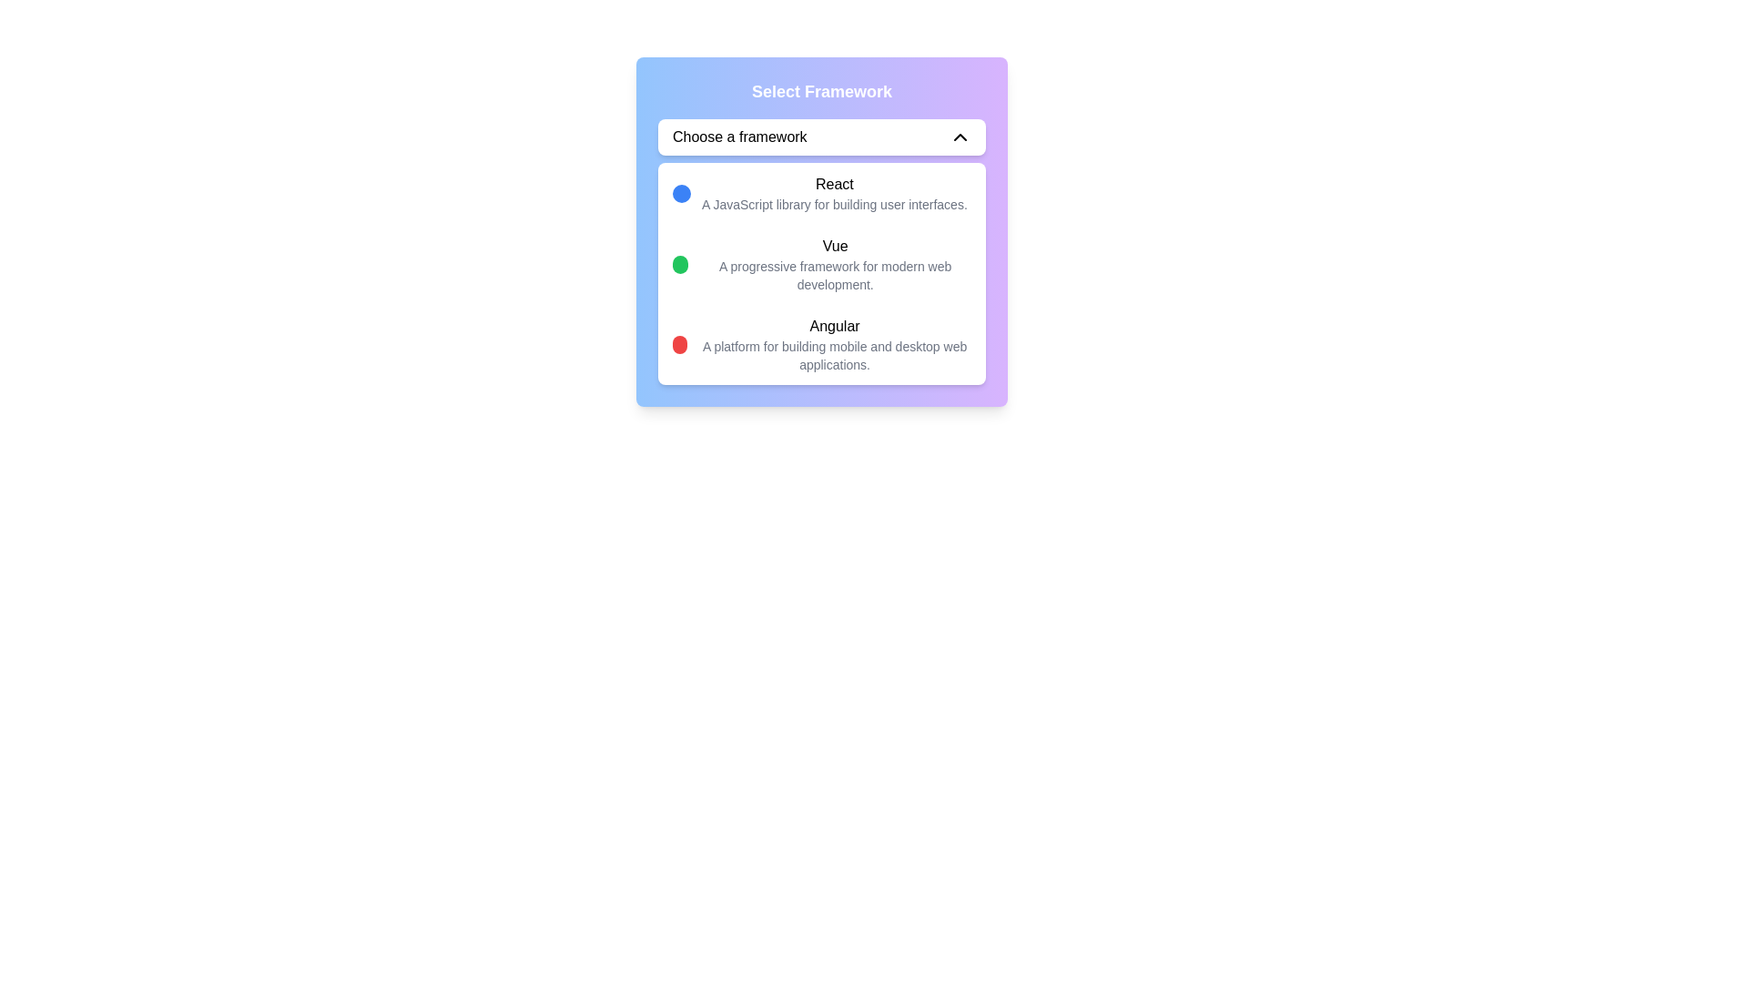  Describe the element at coordinates (833, 185) in the screenshot. I see `the static text element displaying 'React', which is styled in medium bold font and is the first option in the framework selection list` at that location.